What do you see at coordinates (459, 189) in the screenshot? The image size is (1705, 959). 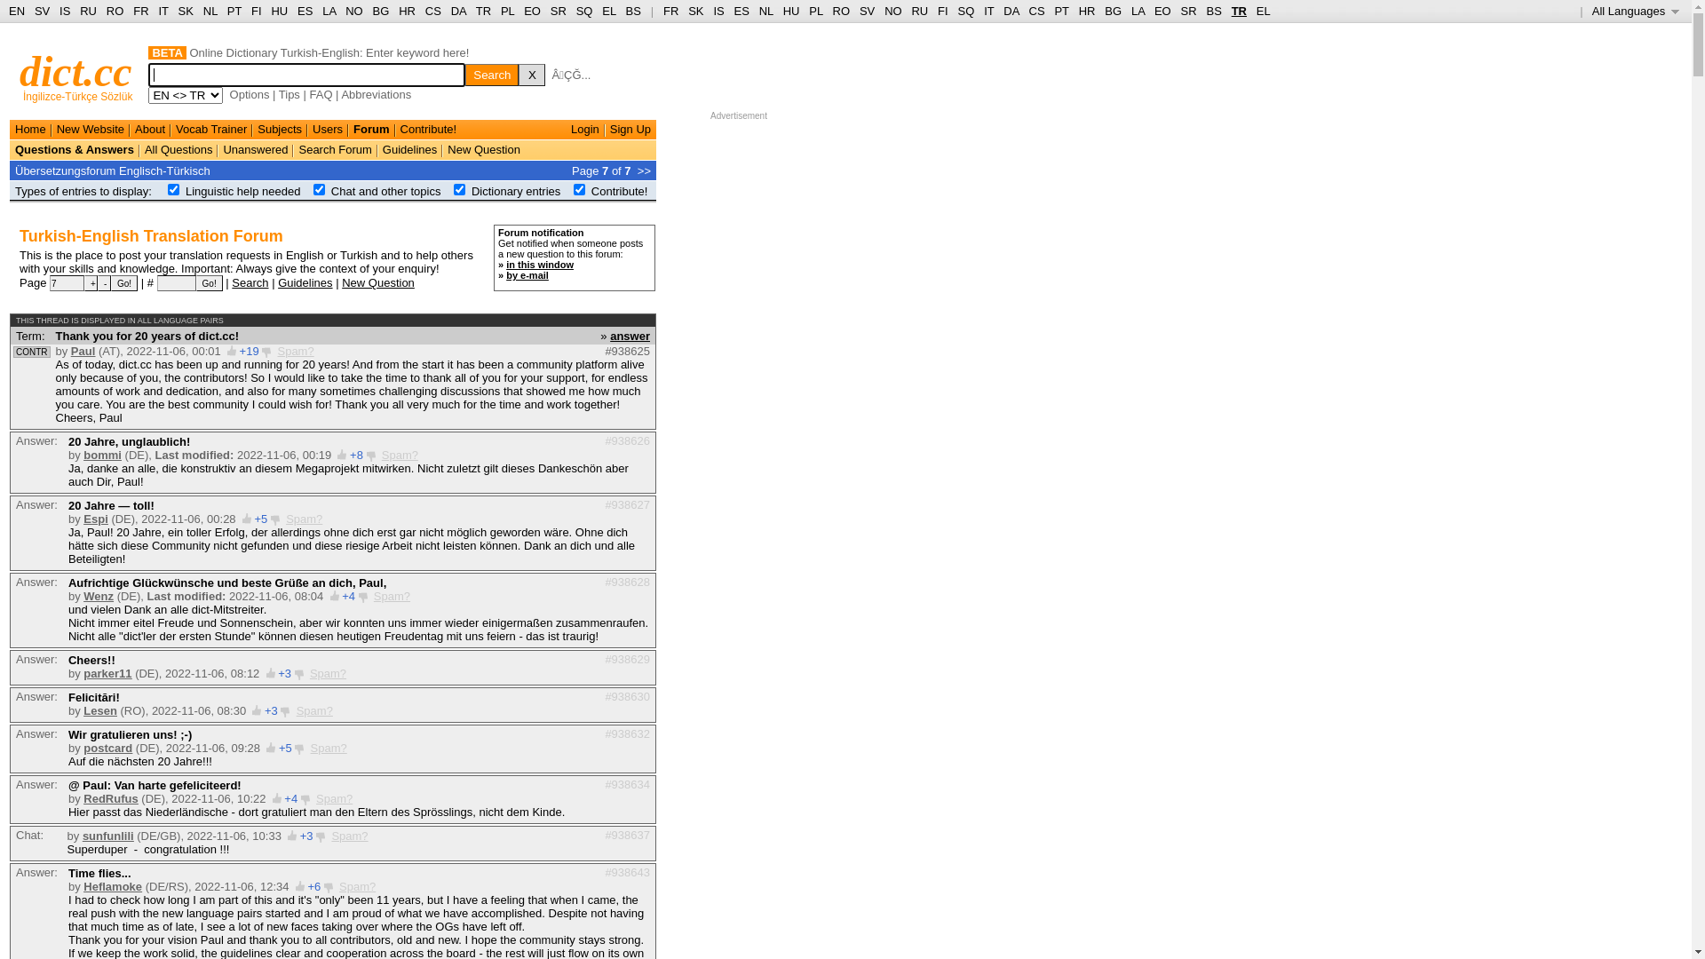 I see `'on'` at bounding box center [459, 189].